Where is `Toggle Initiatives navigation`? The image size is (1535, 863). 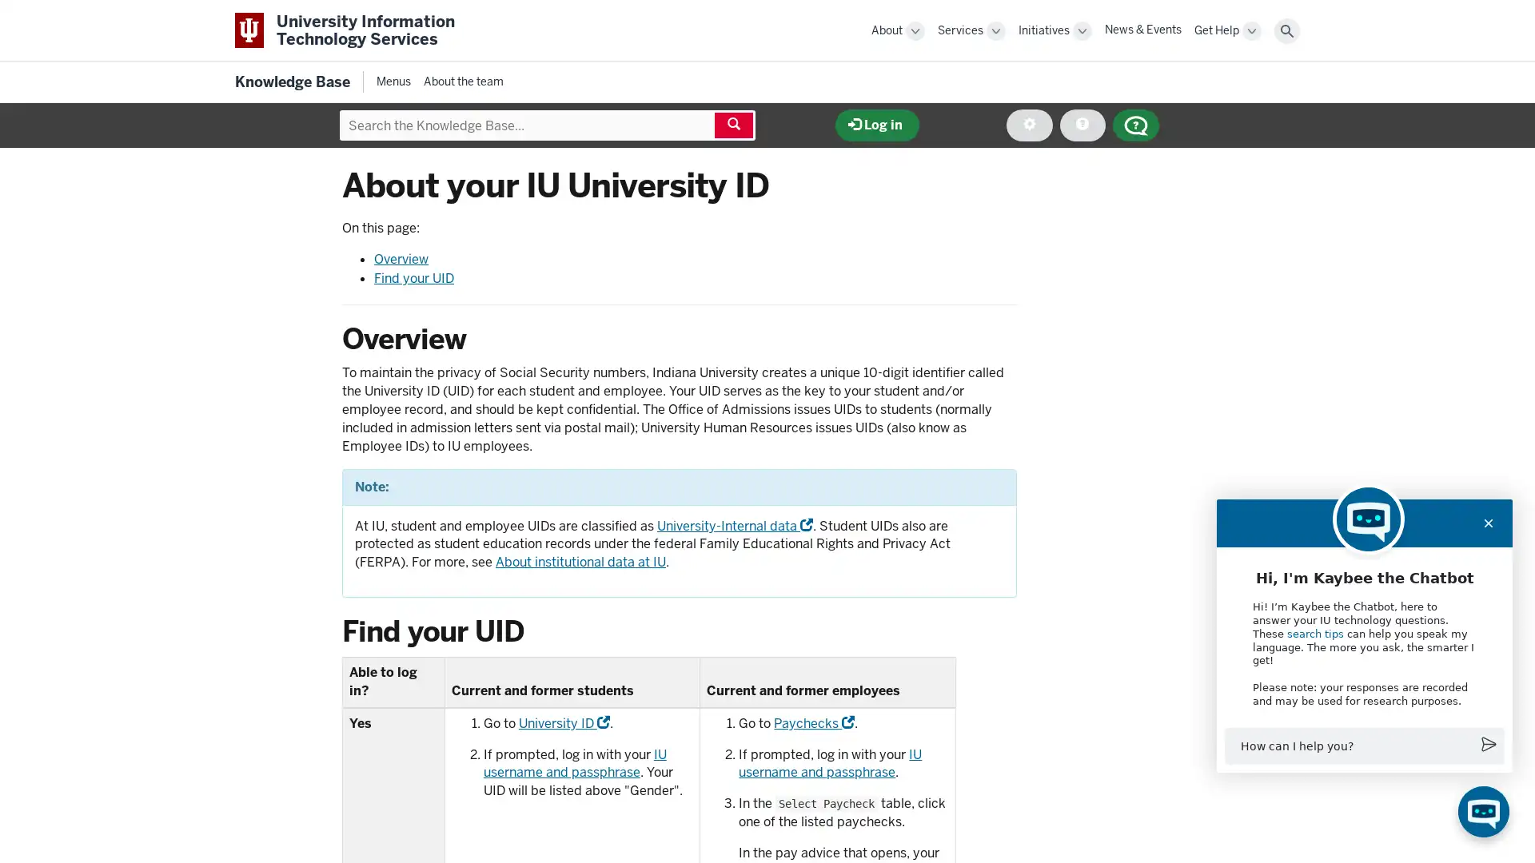
Toggle Initiatives navigation is located at coordinates (1082, 30).